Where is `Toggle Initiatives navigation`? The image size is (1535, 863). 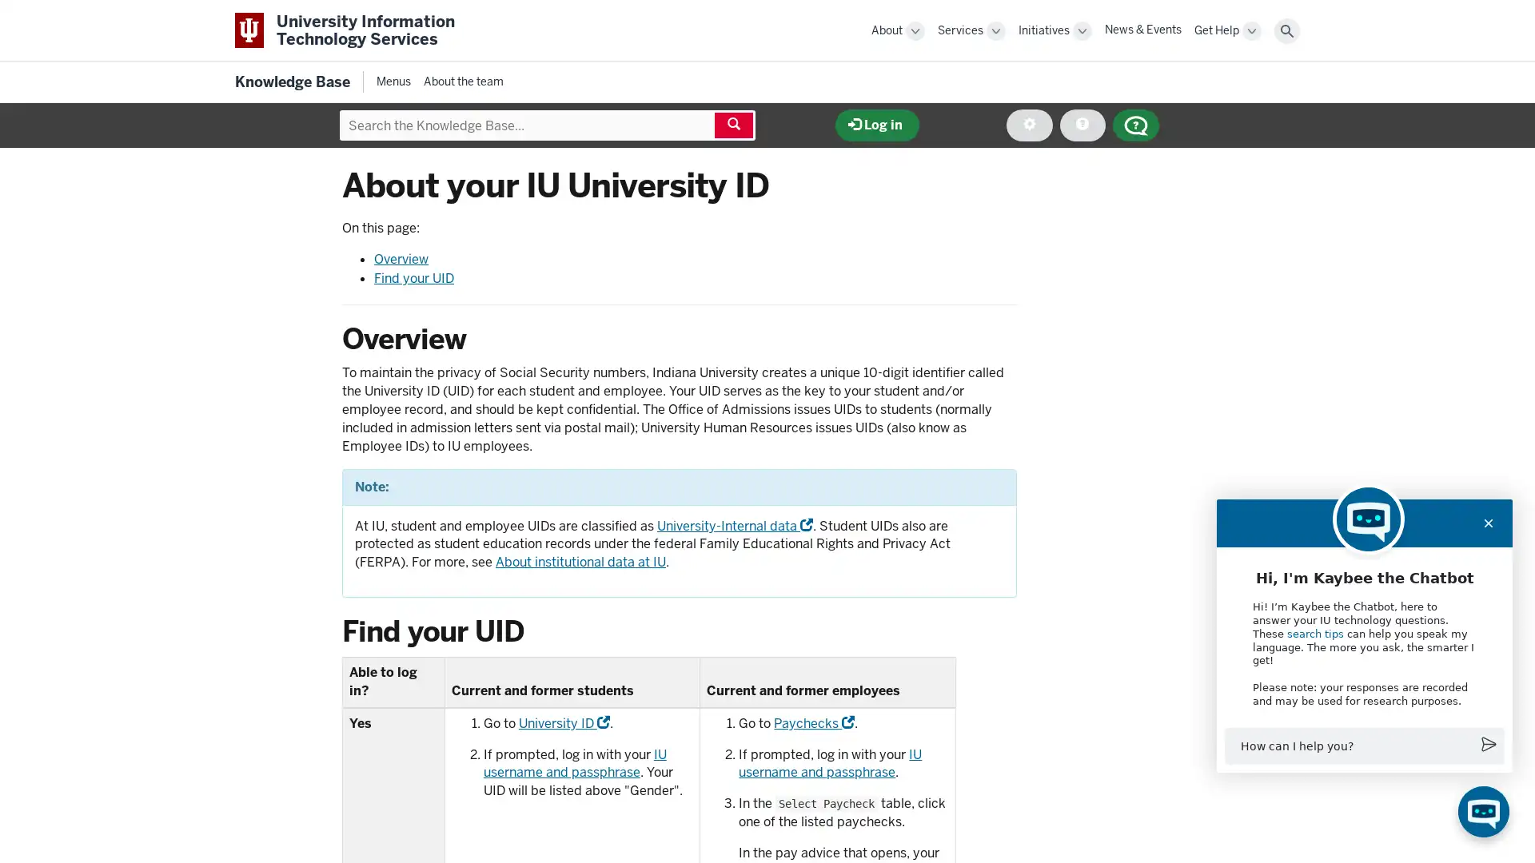
Toggle Initiatives navigation is located at coordinates (1082, 30).